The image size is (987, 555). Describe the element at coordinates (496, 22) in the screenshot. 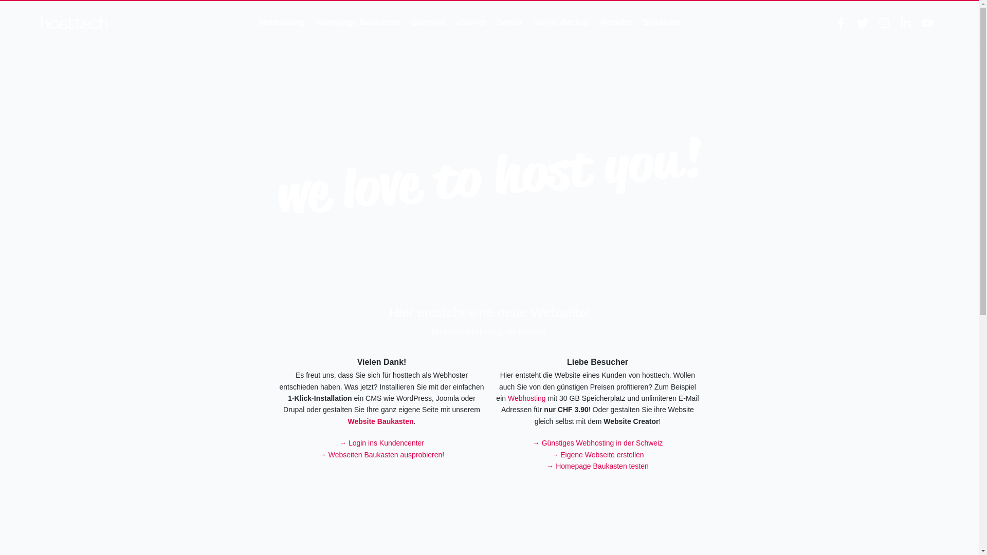

I see `'Server'` at that location.